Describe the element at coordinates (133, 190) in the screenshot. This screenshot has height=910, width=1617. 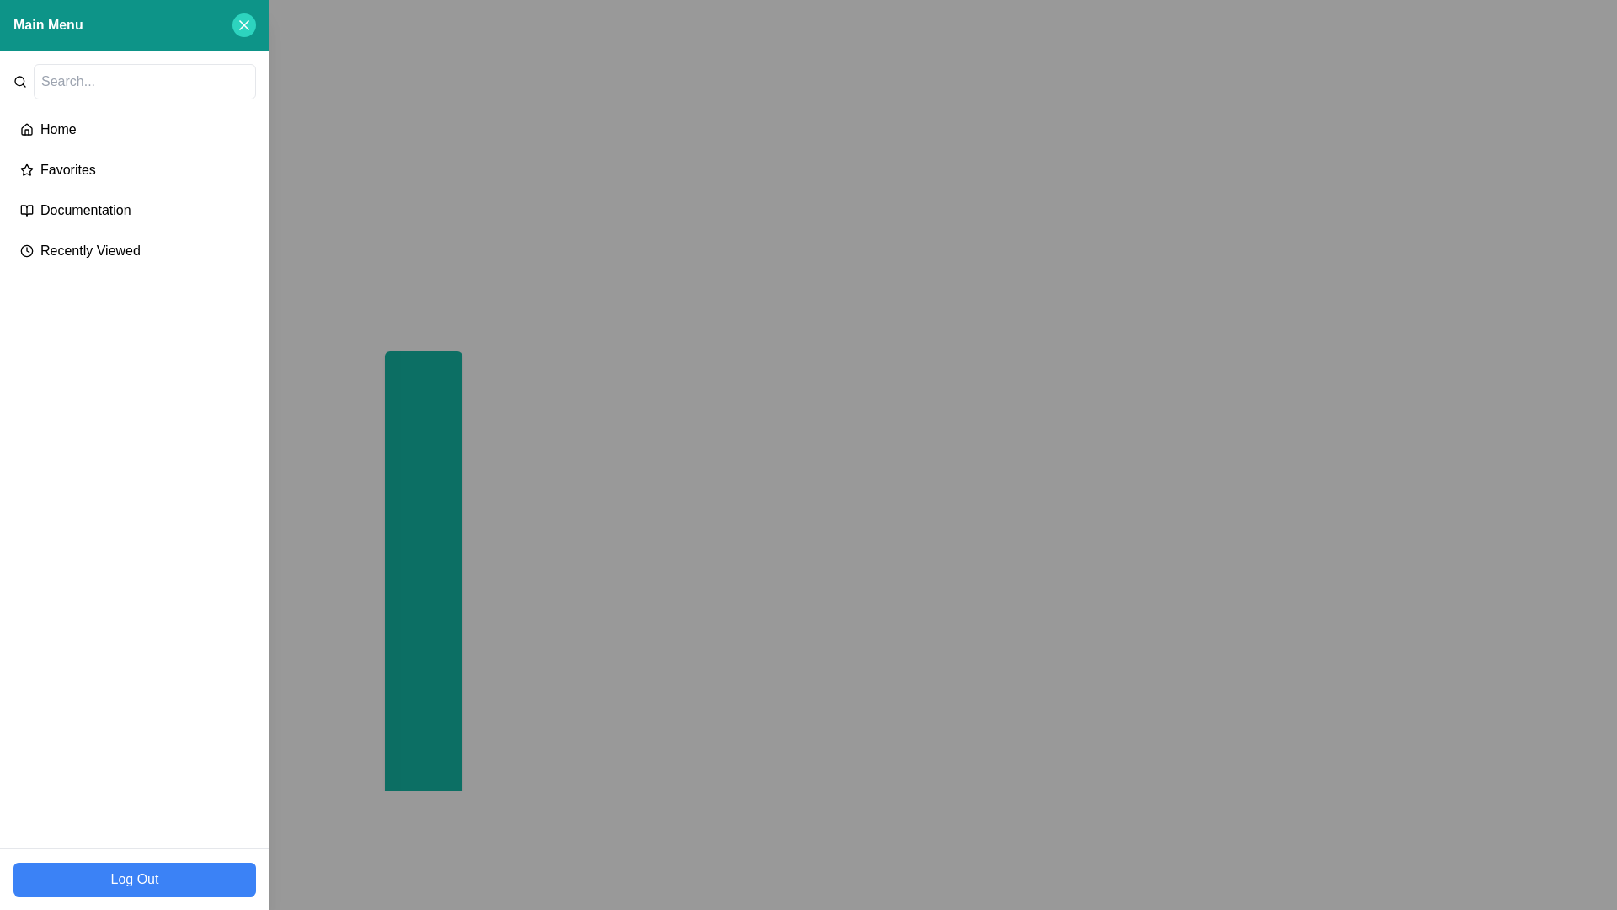
I see `the Navigation Menu located in the left sidebar` at that location.